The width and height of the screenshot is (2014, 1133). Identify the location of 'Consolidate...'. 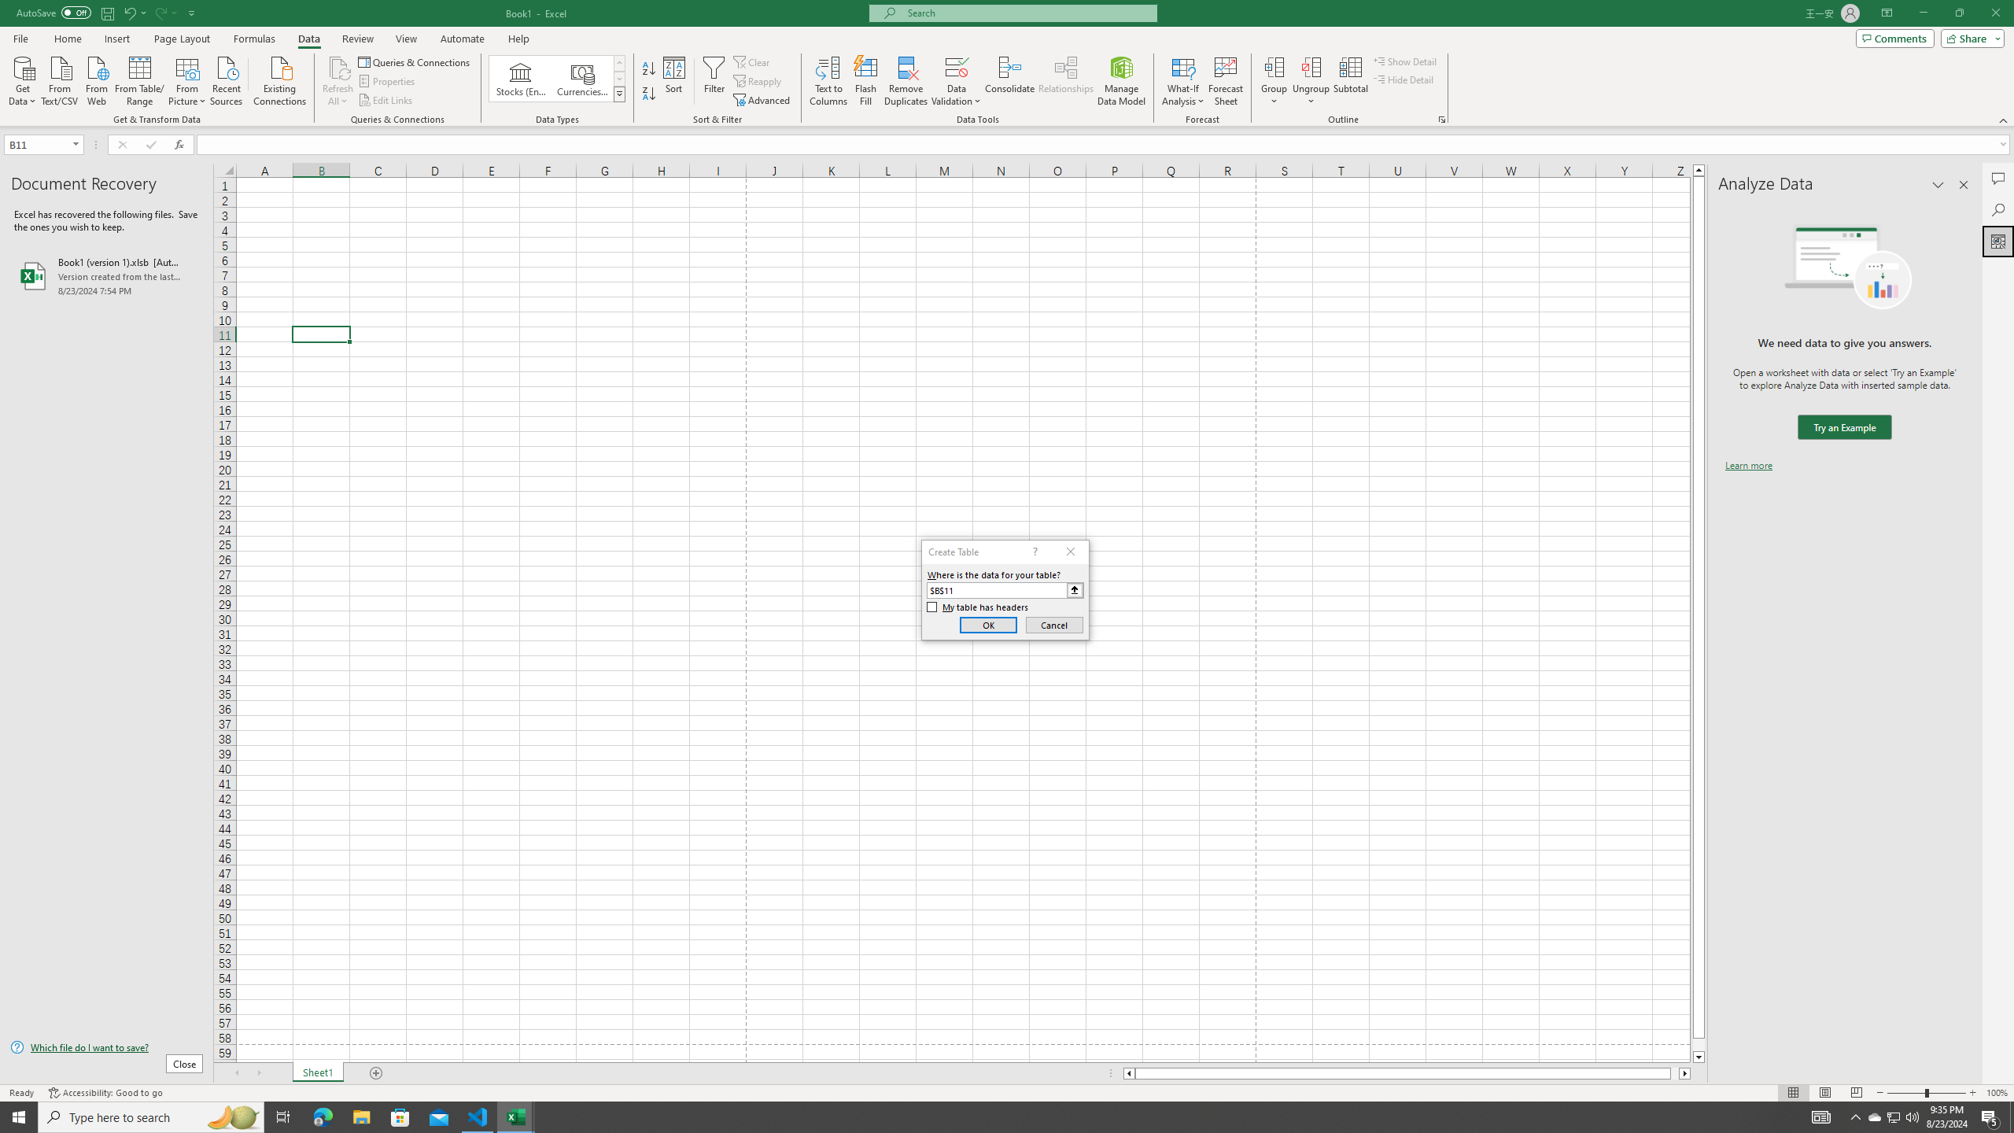
(1009, 81).